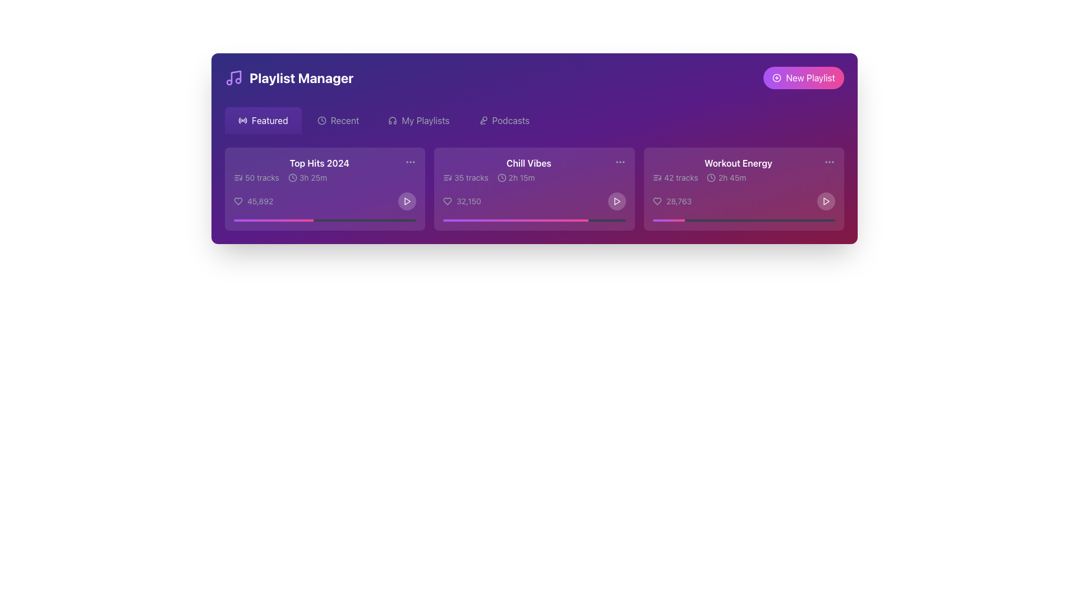 This screenshot has width=1077, height=606. Describe the element at coordinates (657, 177) in the screenshot. I see `the music or playlist icon located in the upper-left portion of the 'Workout Energy' playlist card, which serves as a visual indicator for playlist content` at that location.